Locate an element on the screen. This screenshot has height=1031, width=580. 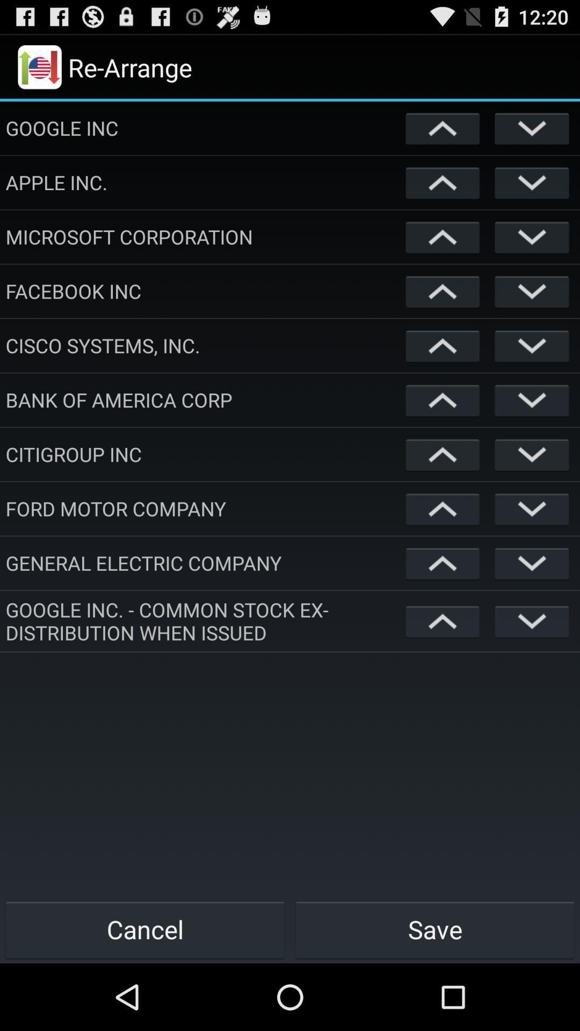
the button allows to move down an item listed is located at coordinates (532, 291).